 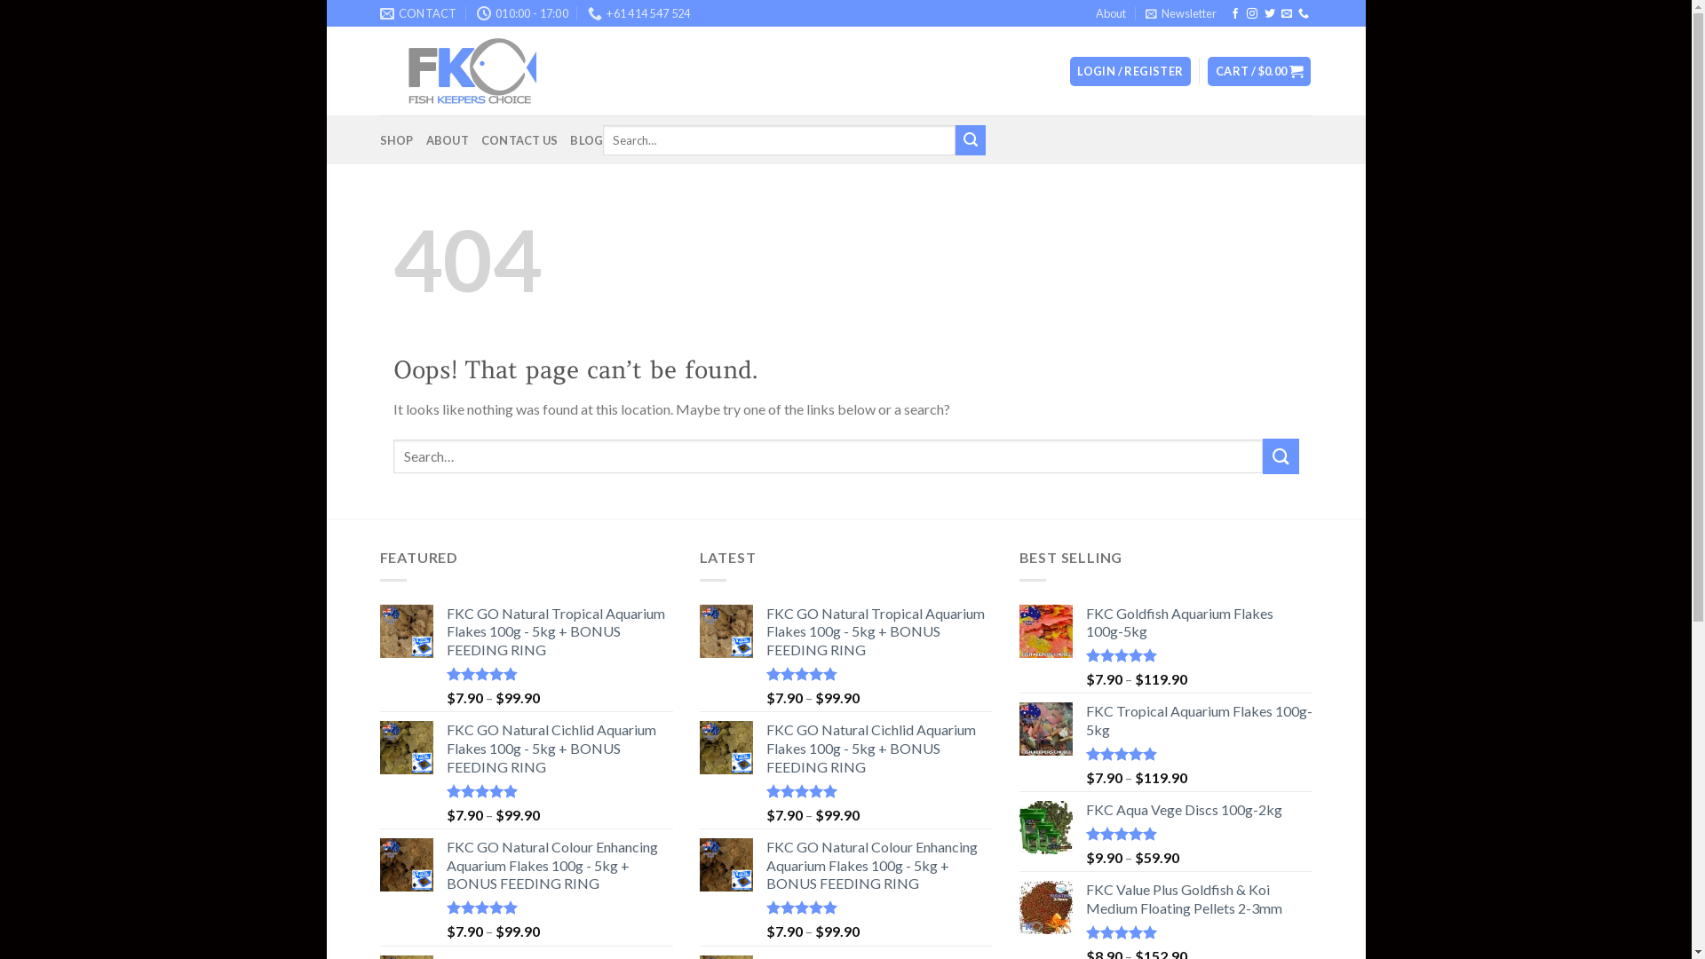 I want to click on 'SHOP', so click(x=395, y=139).